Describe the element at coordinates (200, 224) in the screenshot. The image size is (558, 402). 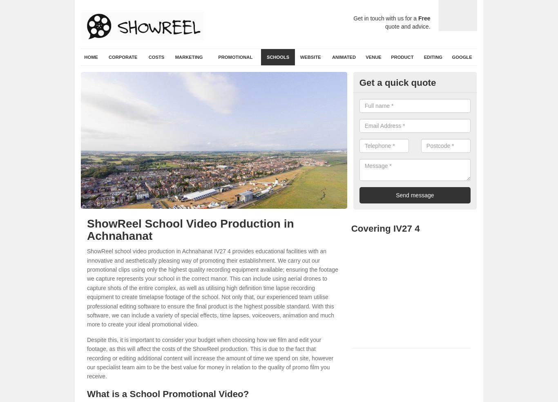
I see `'School Video Production in Achnahanat'` at that location.